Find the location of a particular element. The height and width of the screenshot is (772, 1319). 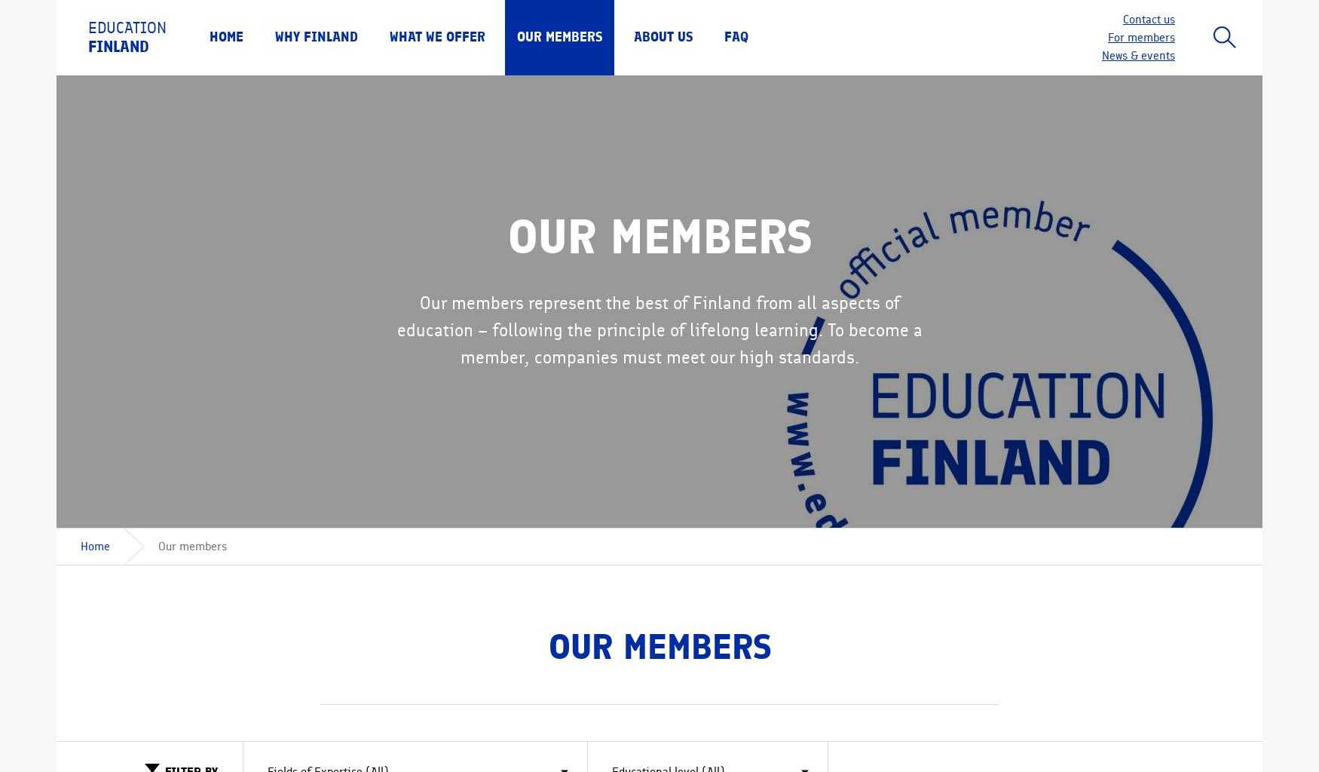

'For members' is located at coordinates (1140, 36).